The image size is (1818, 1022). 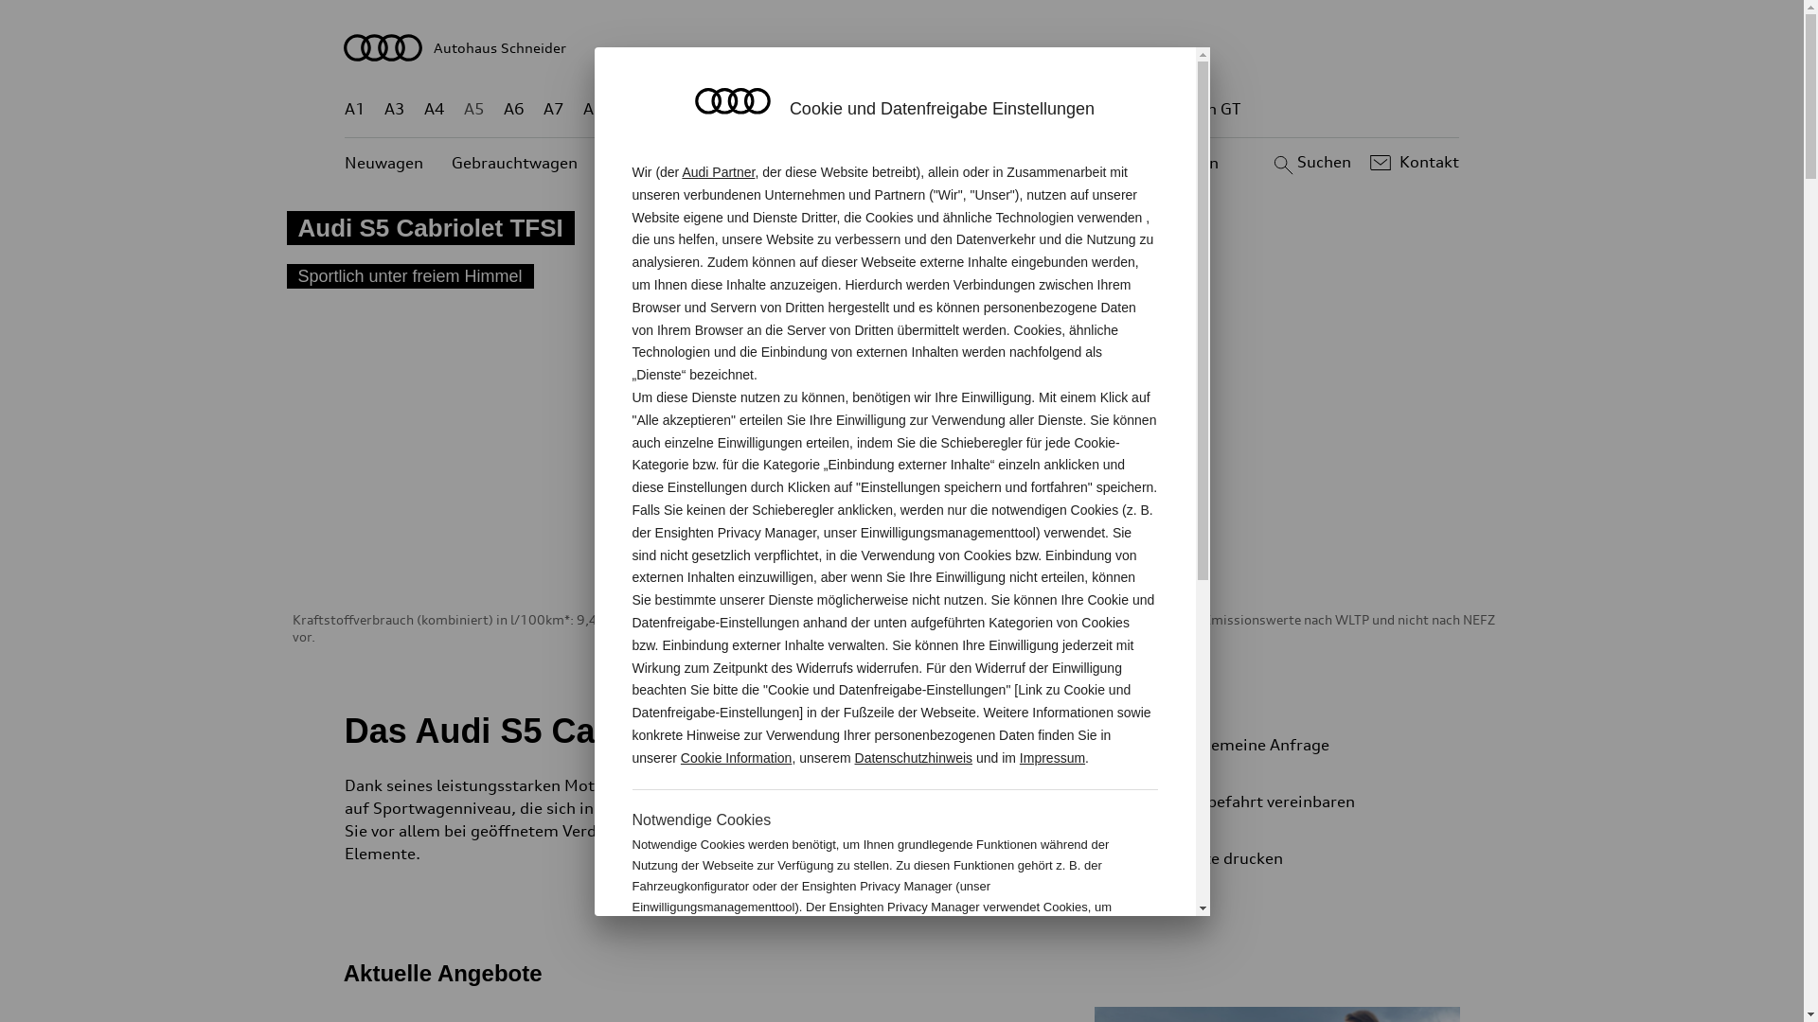 I want to click on 'A4', so click(x=434, y=109).